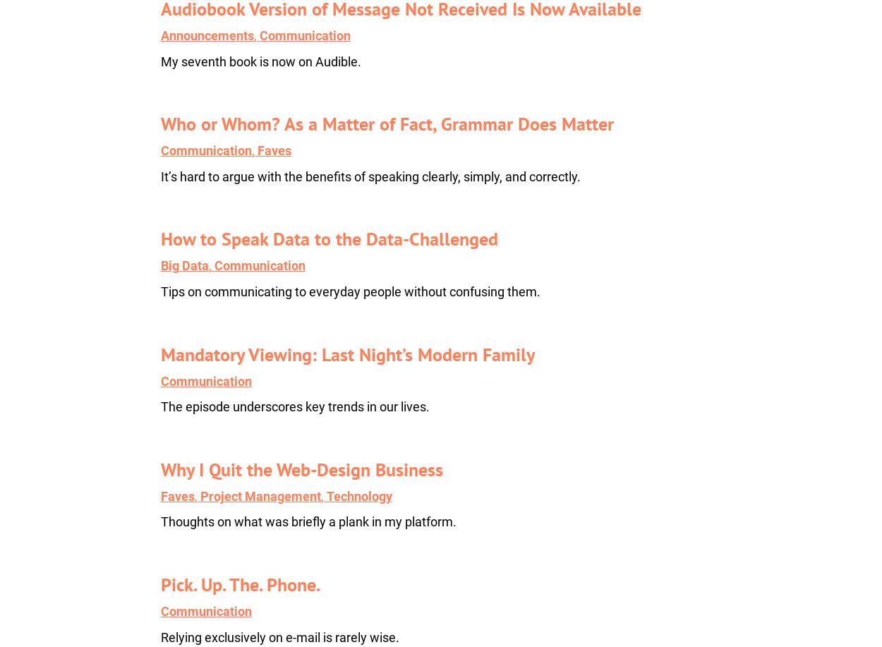 This screenshot has width=882, height=647. Describe the element at coordinates (308, 521) in the screenshot. I see `'Thoughts on what was briefly a plank in my platform.'` at that location.